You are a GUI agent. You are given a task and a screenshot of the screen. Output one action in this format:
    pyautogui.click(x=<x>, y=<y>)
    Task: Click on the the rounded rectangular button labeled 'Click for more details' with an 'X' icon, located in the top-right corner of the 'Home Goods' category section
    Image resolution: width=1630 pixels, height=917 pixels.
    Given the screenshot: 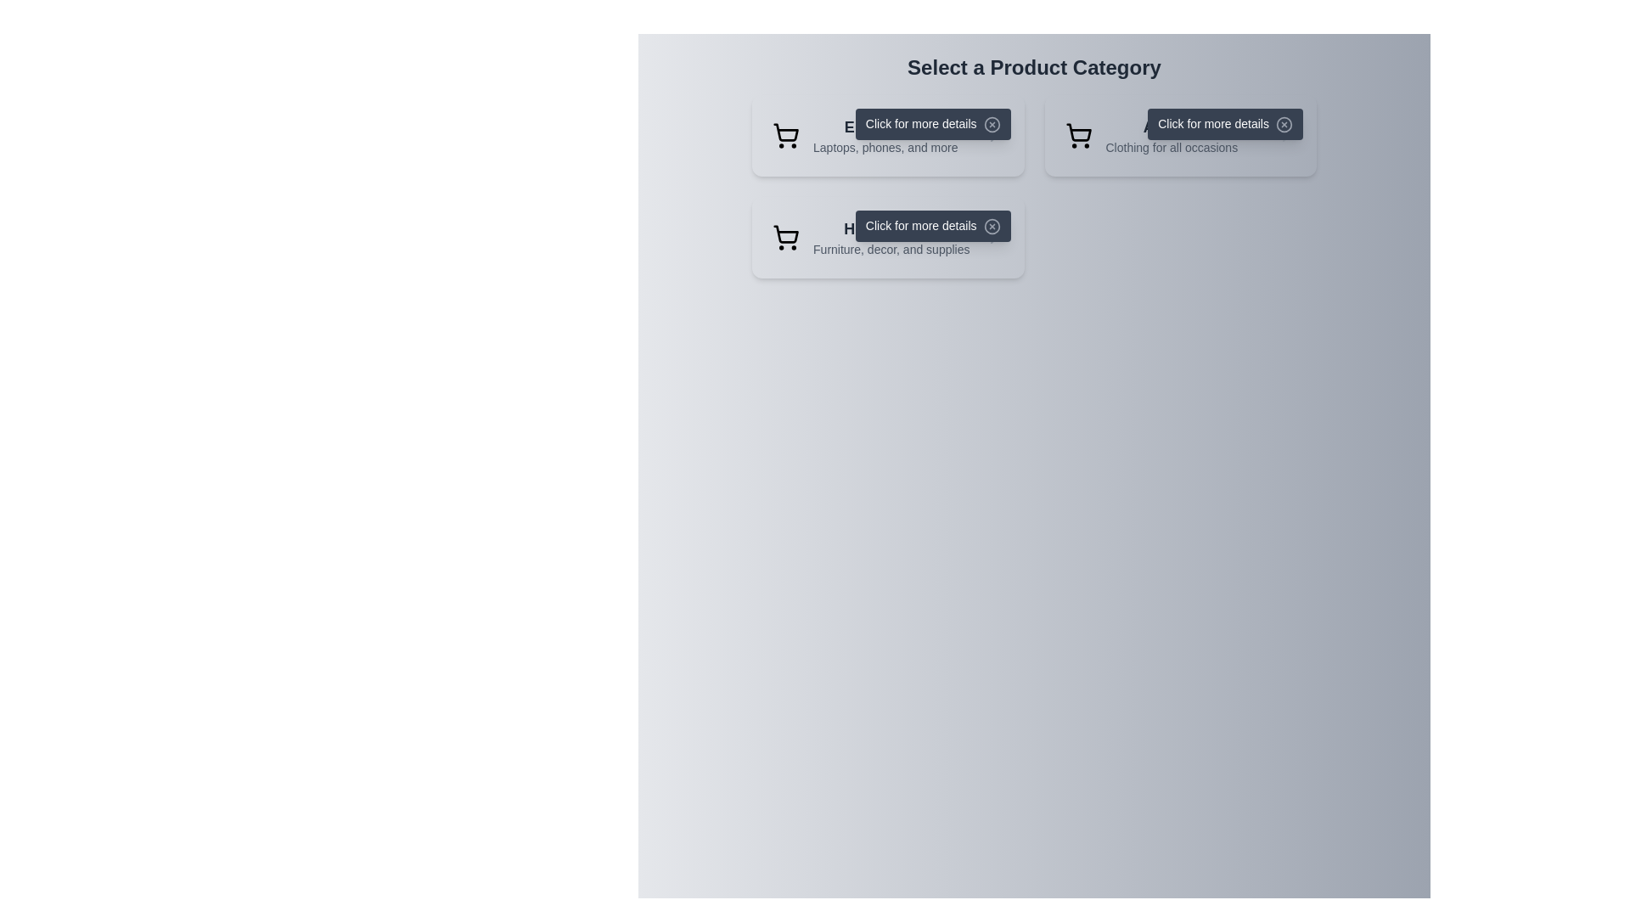 What is the action you would take?
    pyautogui.click(x=932, y=225)
    